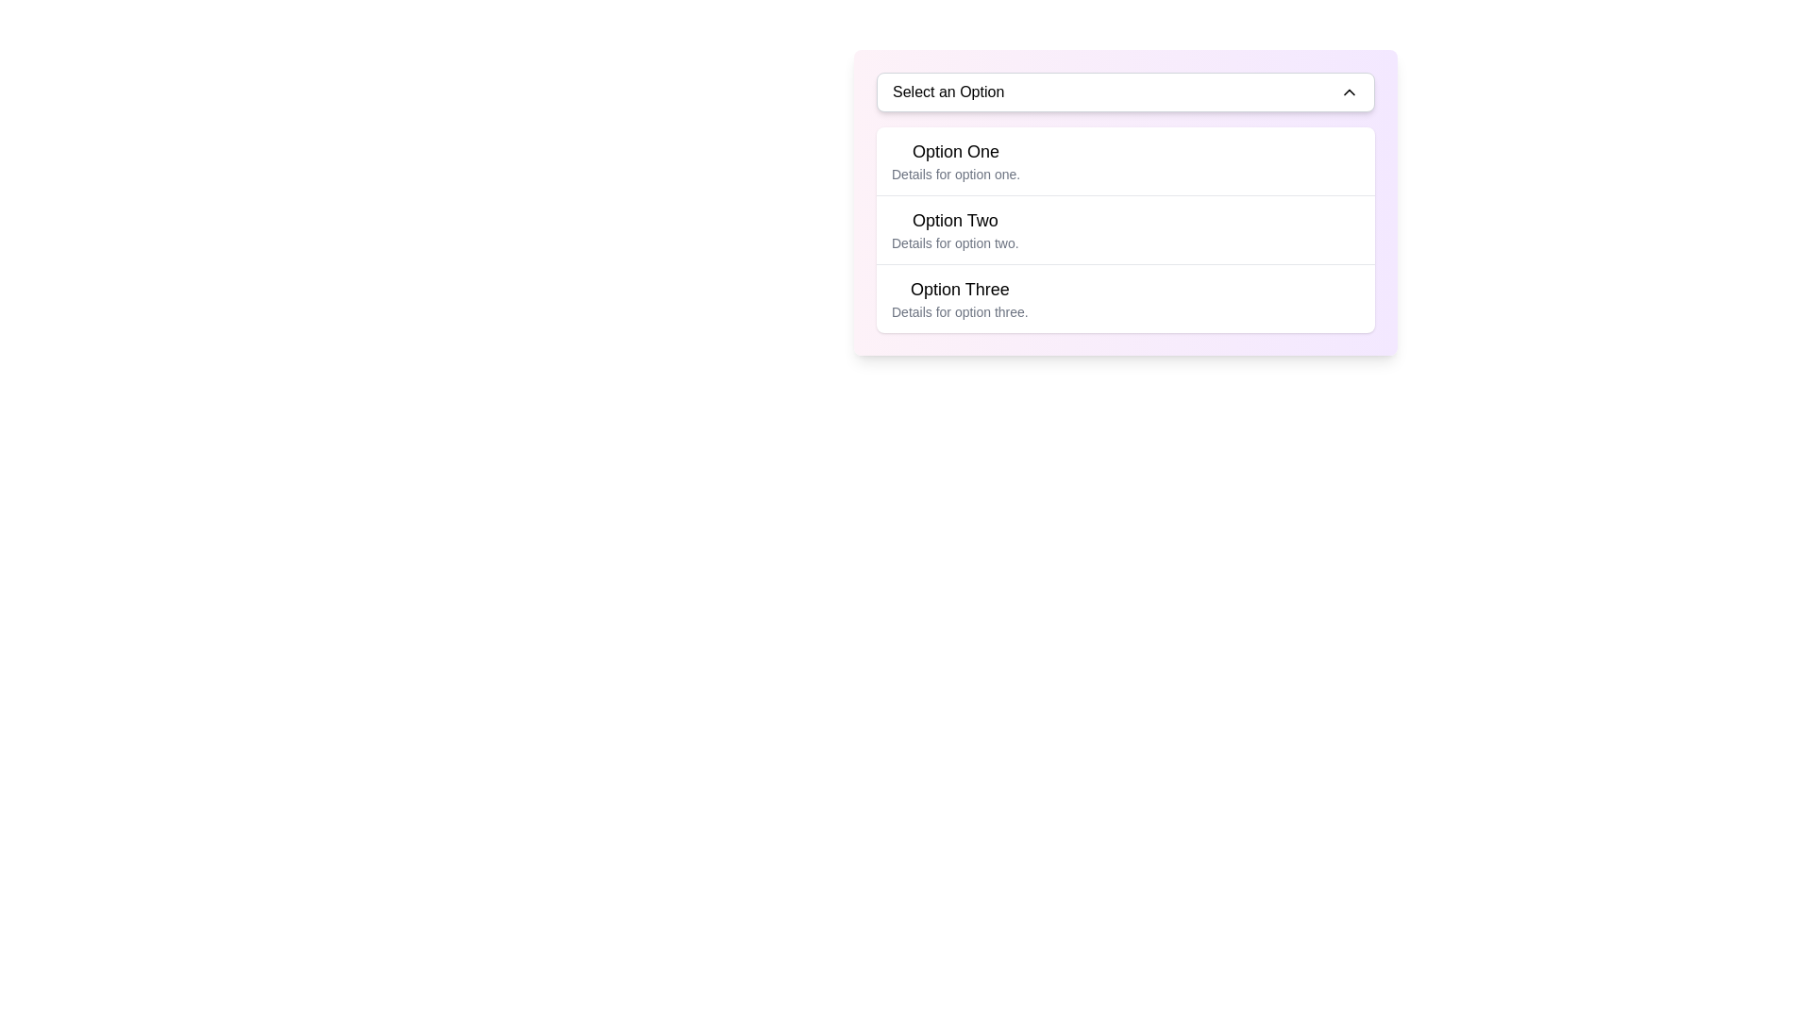 The height and width of the screenshot is (1019, 1812). Describe the element at coordinates (955, 228) in the screenshot. I see `the second option in the dropdown menu` at that location.